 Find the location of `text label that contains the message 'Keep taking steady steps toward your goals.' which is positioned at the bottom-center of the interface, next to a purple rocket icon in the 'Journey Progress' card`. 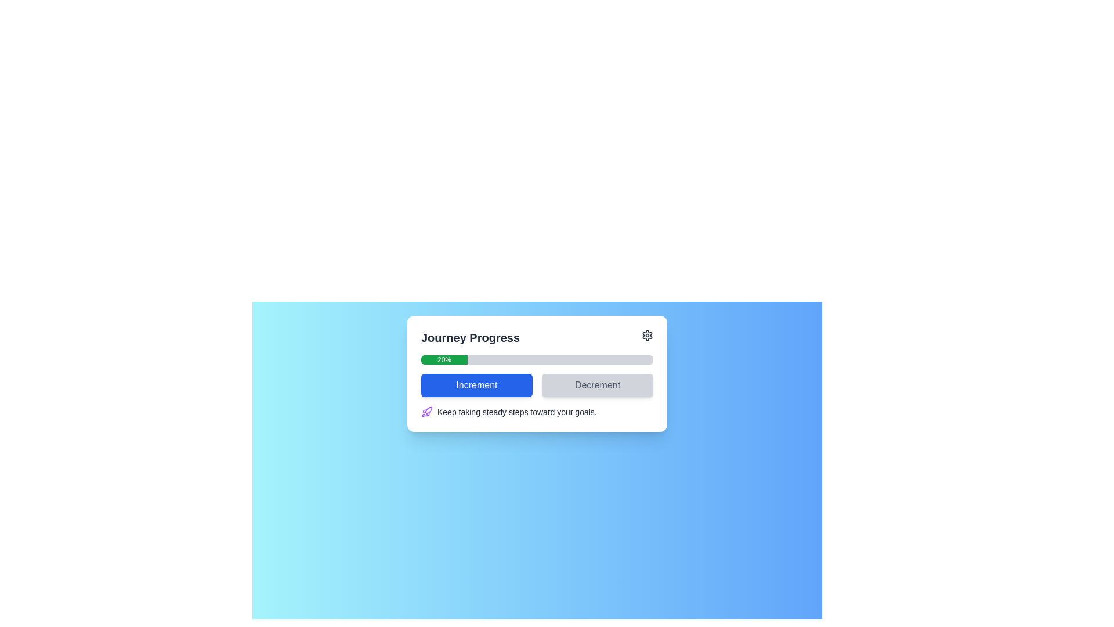

text label that contains the message 'Keep taking steady steps toward your goals.' which is positioned at the bottom-center of the interface, next to a purple rocket icon in the 'Journey Progress' card is located at coordinates (516, 411).